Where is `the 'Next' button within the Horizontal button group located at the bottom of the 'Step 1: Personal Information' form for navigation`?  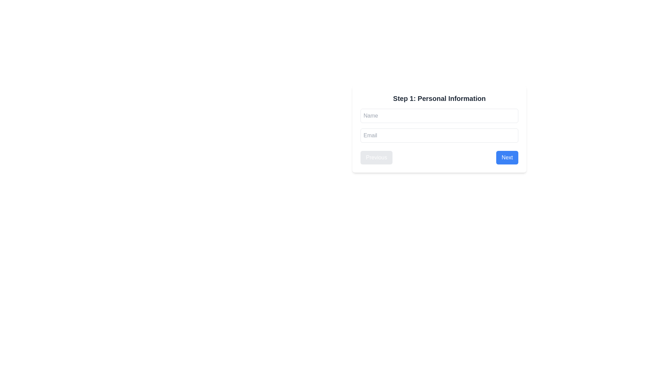 the 'Next' button within the Horizontal button group located at the bottom of the 'Step 1: Personal Information' form for navigation is located at coordinates (439, 157).